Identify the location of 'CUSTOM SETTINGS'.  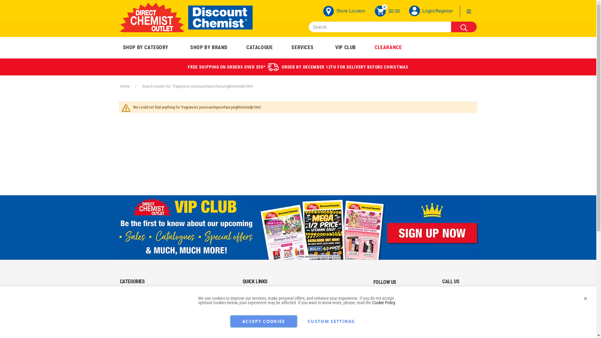
(331, 321).